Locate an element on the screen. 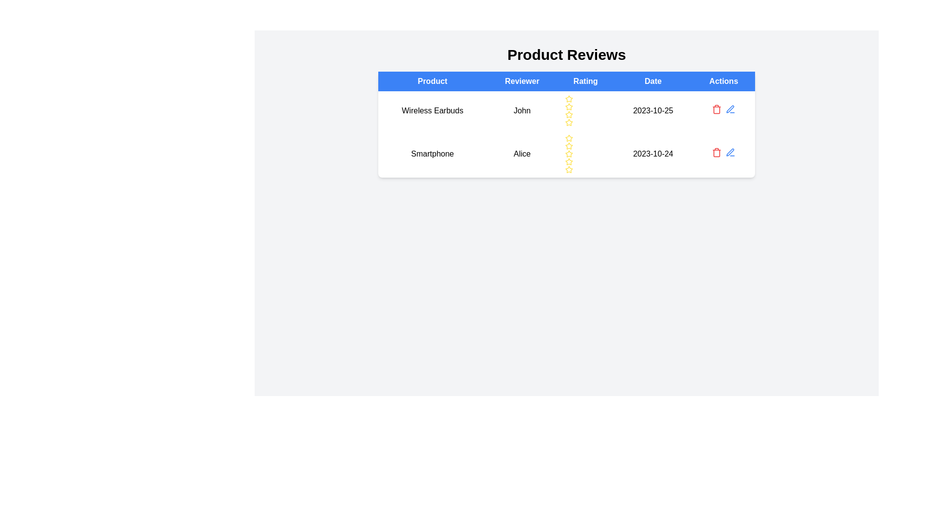 The height and width of the screenshot is (530, 942). the 'Reviewer' header cell in the table, which is styled with a blue background and white centered text, located between the 'Product' and 'Rating' headers is located at coordinates (522, 80).